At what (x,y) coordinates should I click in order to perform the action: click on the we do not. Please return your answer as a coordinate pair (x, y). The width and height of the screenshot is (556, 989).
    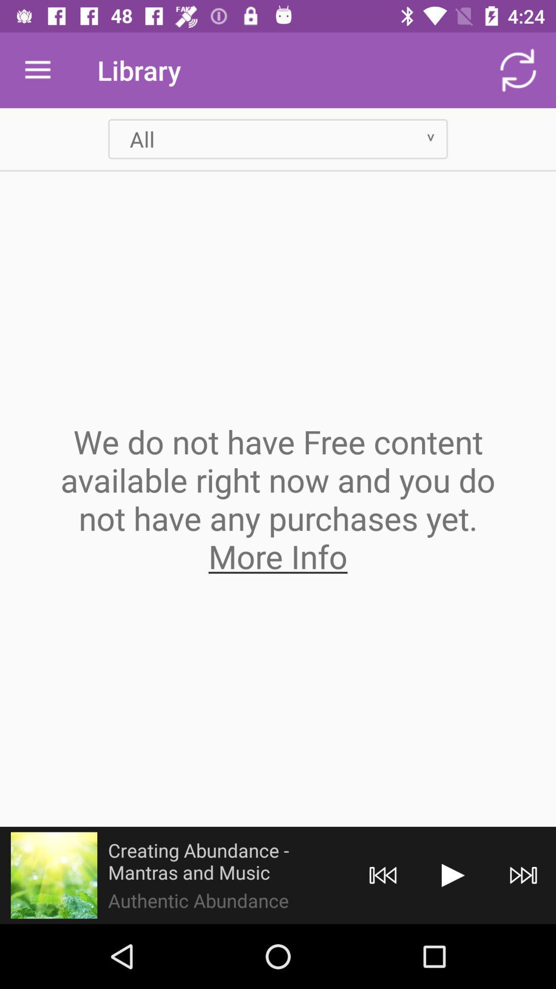
    Looking at the image, I should click on (278, 499).